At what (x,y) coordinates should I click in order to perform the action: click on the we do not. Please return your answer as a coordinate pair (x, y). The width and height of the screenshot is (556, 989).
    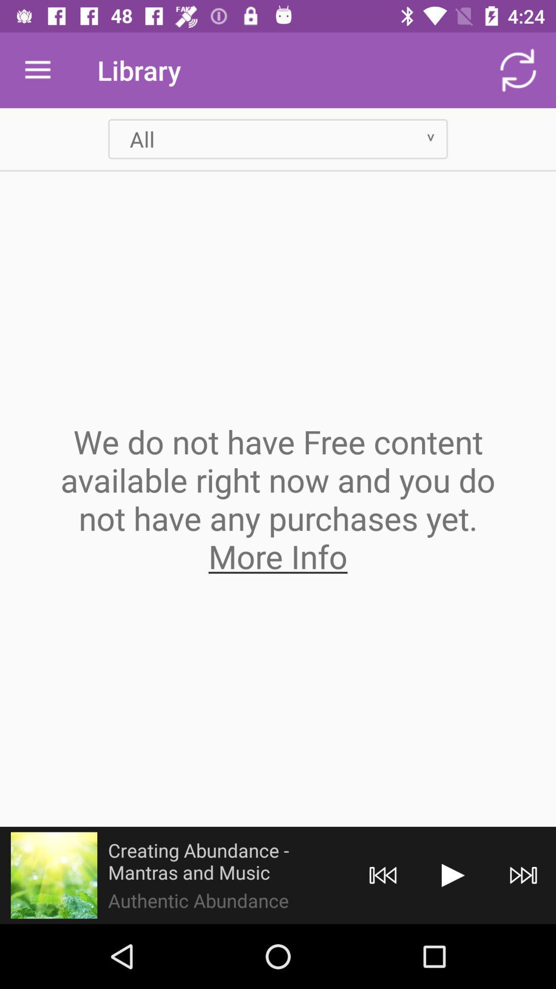
    Looking at the image, I should click on (278, 499).